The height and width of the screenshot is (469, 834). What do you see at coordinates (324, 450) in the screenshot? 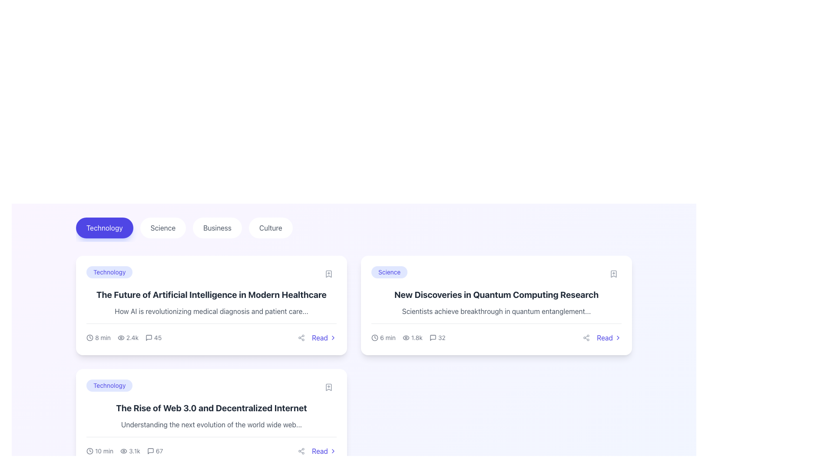
I see `the 'Read' button located at the bottom right corner of an article preview card` at bounding box center [324, 450].